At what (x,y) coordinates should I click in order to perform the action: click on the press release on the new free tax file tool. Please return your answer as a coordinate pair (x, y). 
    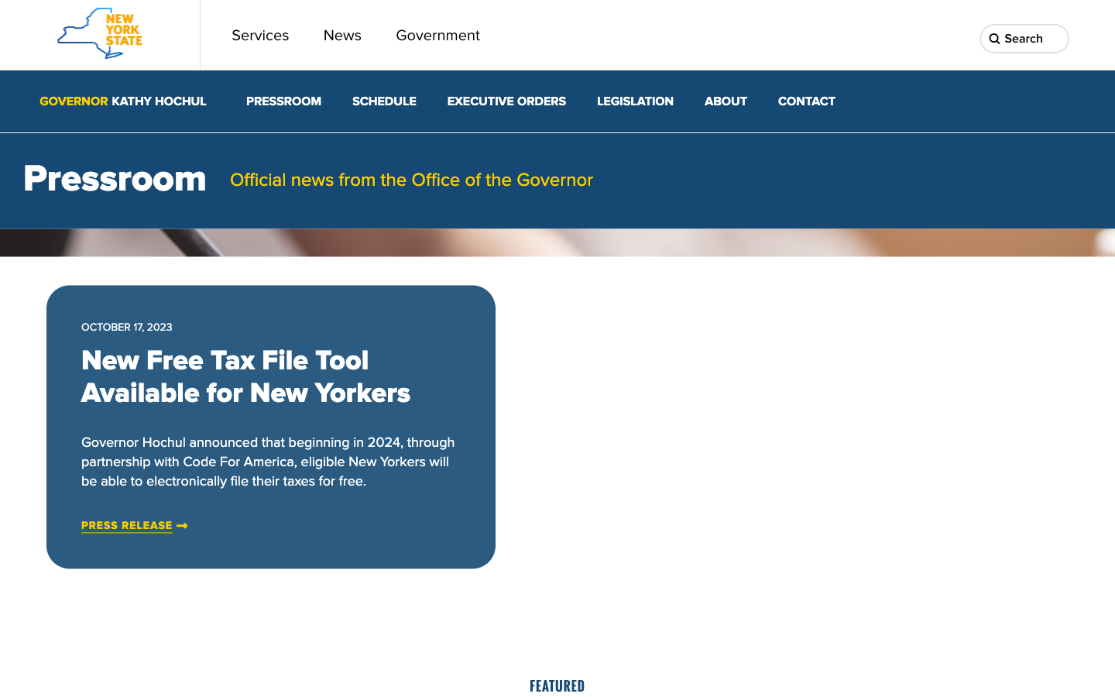
    Looking at the image, I should click on (126, 525).